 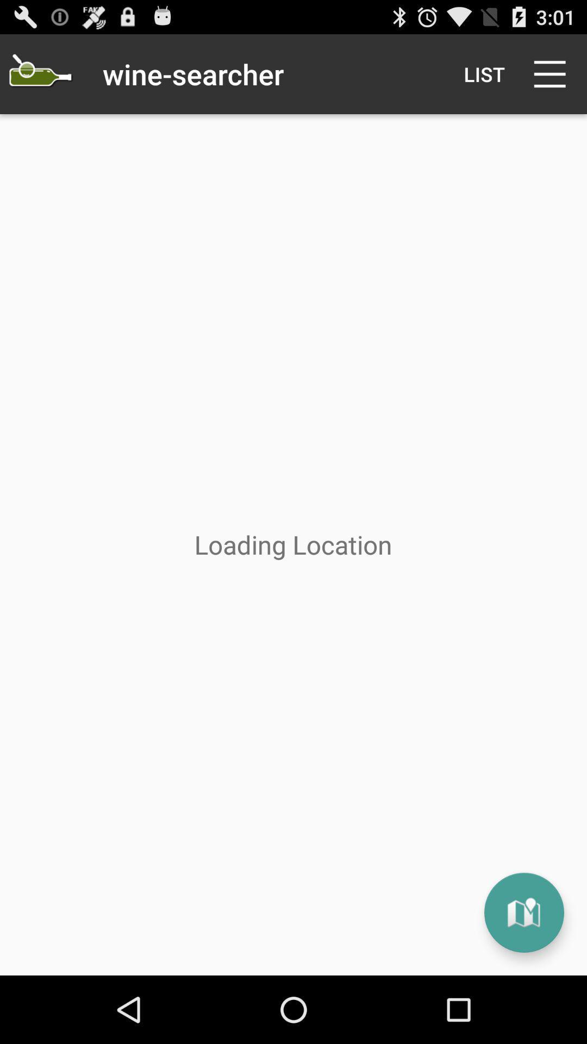 What do you see at coordinates (484, 73) in the screenshot?
I see `the list item` at bounding box center [484, 73].